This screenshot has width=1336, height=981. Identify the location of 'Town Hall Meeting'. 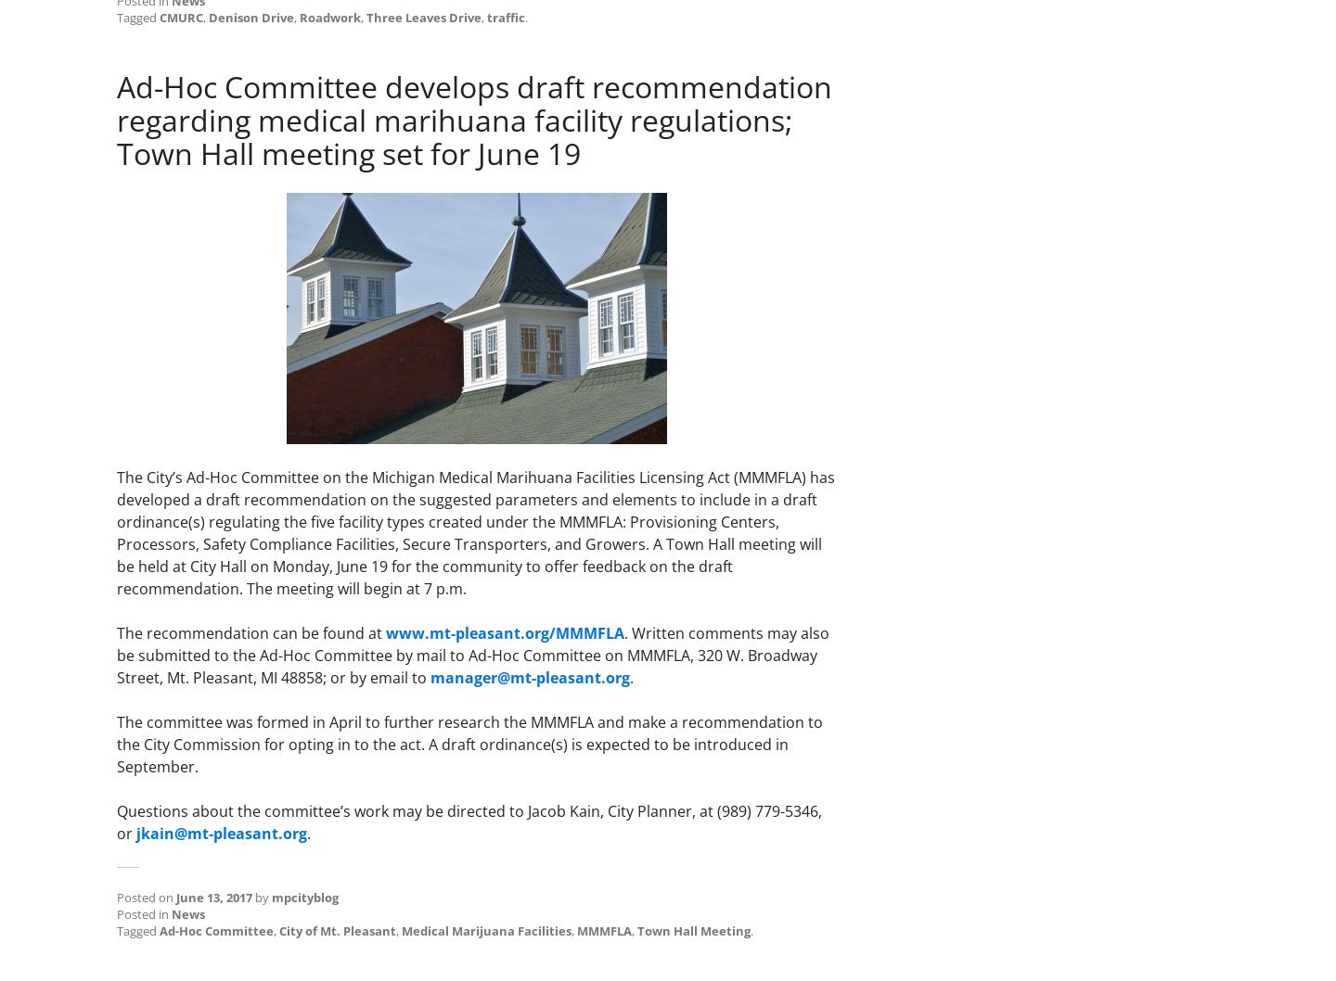
(637, 928).